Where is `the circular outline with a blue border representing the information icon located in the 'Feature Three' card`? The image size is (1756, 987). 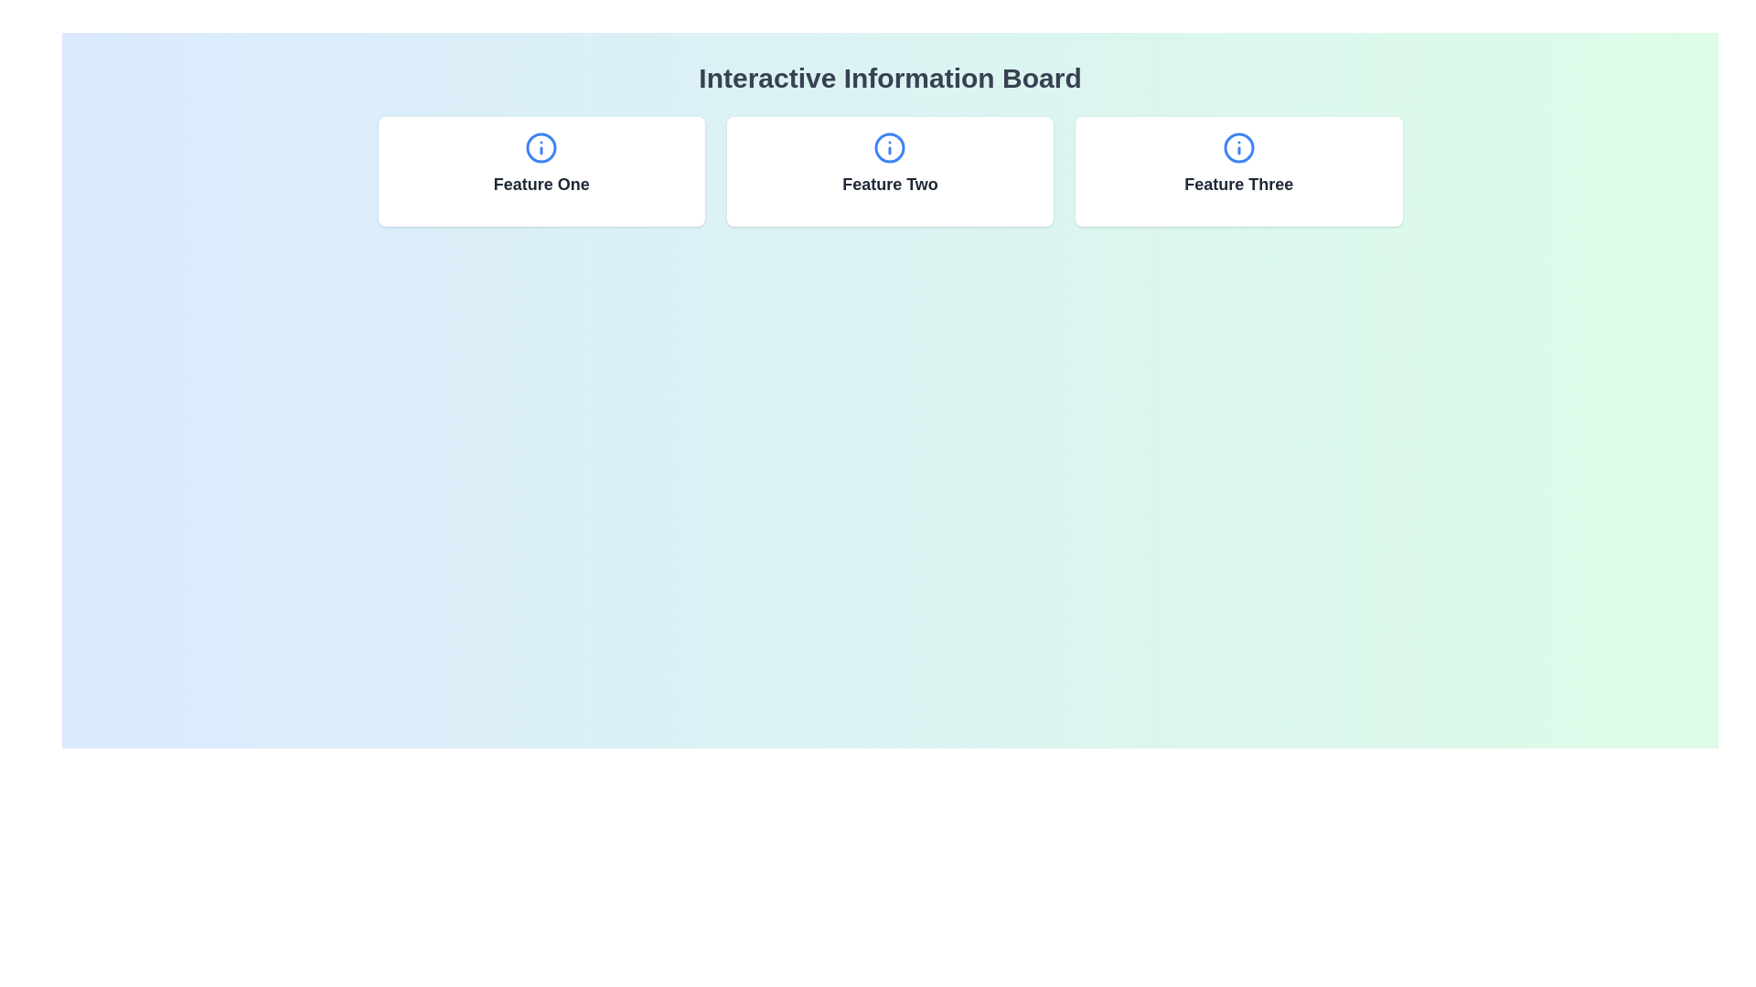 the circular outline with a blue border representing the information icon located in the 'Feature Three' card is located at coordinates (1238, 147).